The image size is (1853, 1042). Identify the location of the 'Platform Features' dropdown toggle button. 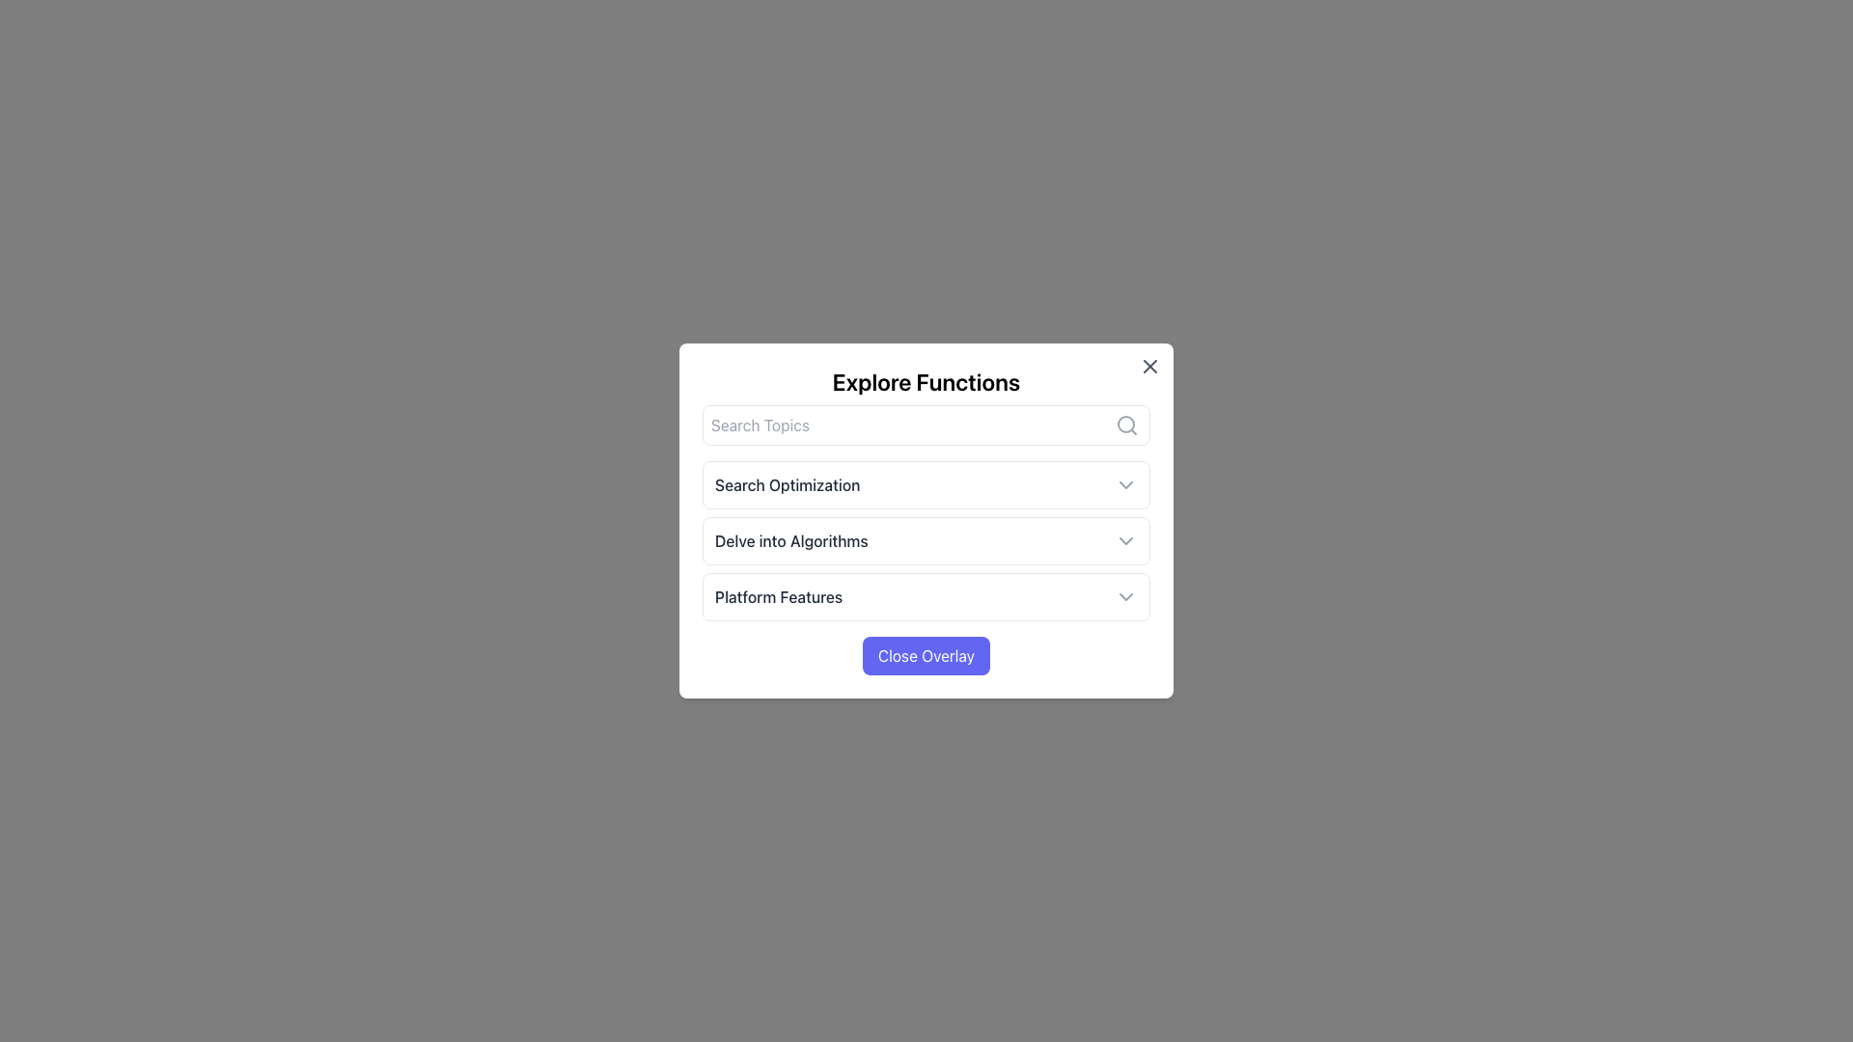
(926, 595).